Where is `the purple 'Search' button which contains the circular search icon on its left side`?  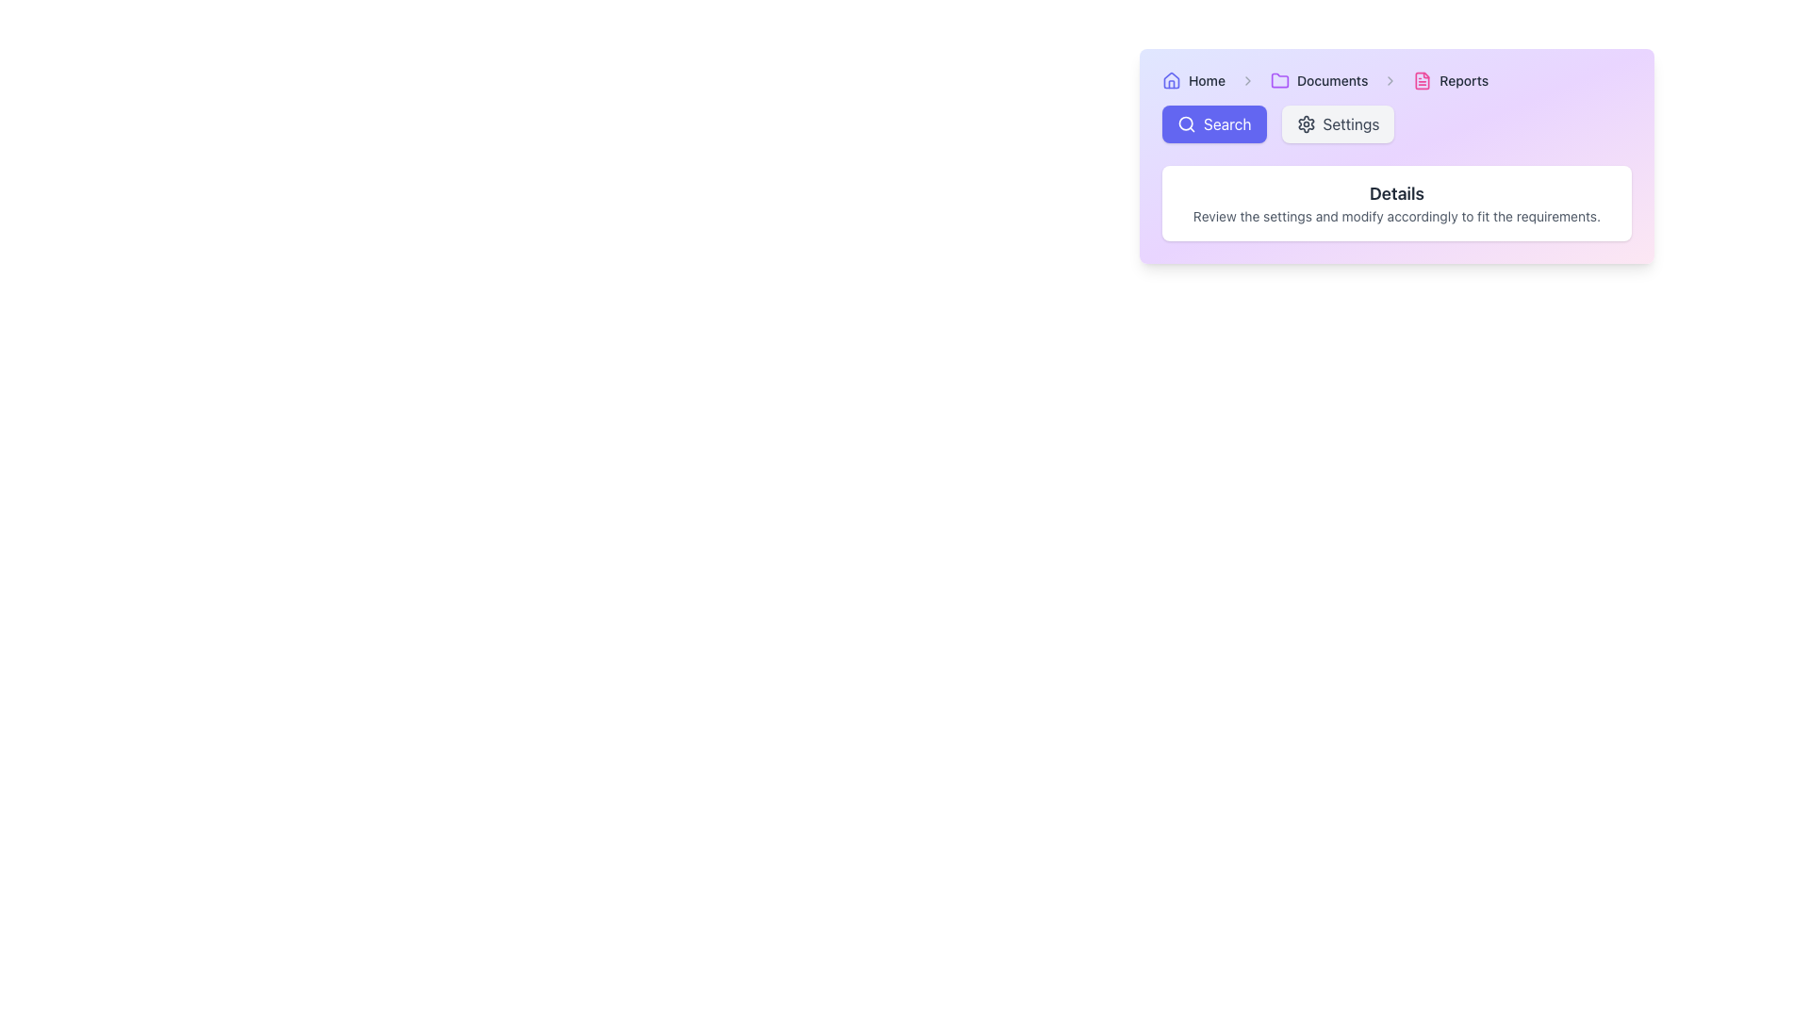
the purple 'Search' button which contains the circular search icon on its left side is located at coordinates (1185, 123).